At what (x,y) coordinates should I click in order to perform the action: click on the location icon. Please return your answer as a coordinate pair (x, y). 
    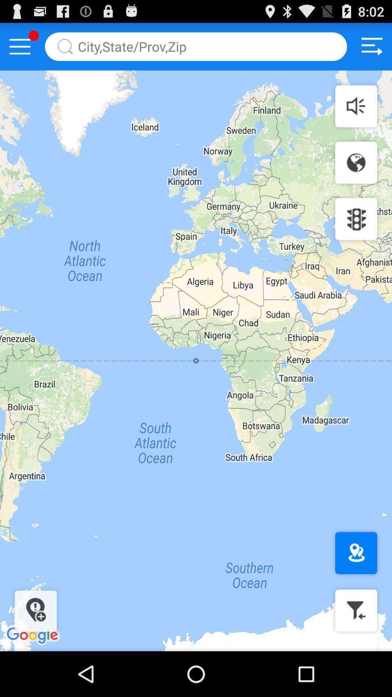
    Looking at the image, I should click on (36, 654).